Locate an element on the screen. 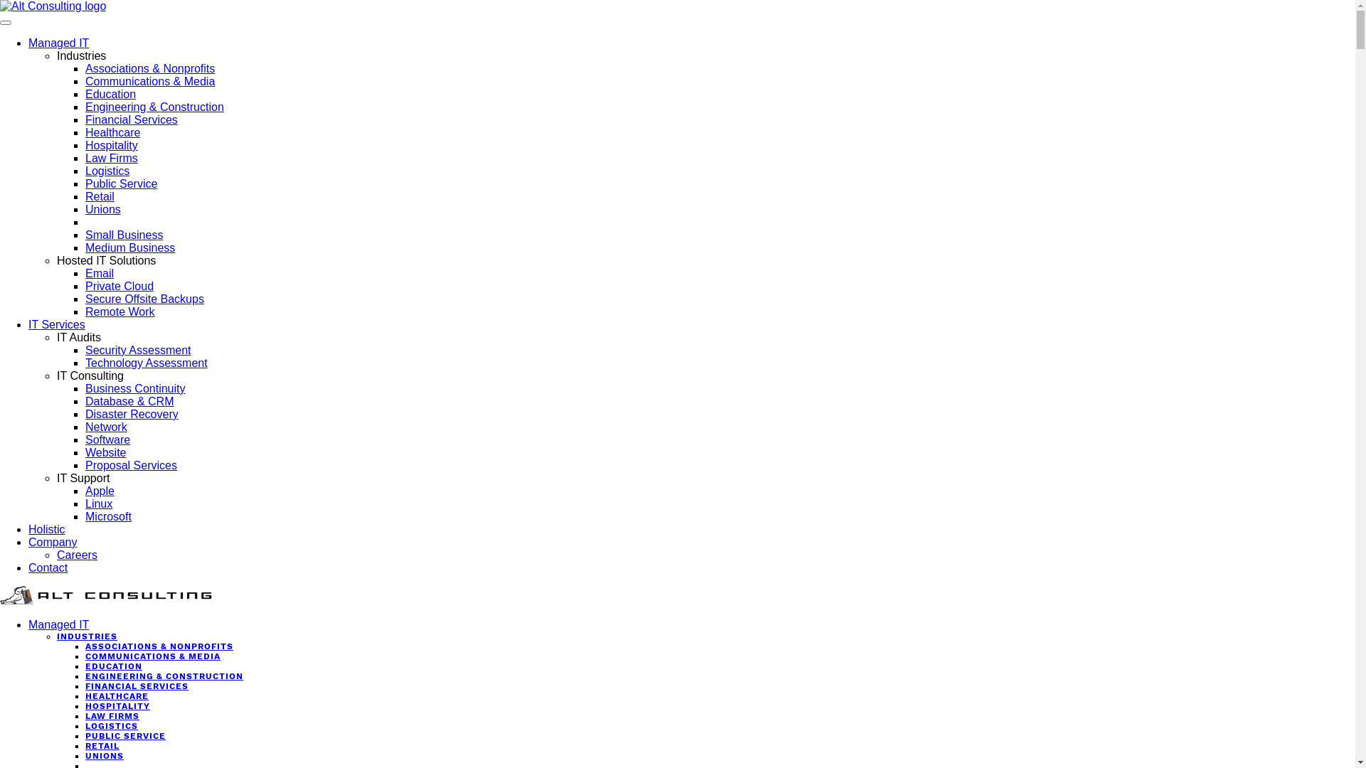 The image size is (1366, 768). 'Database & CRM' is located at coordinates (129, 401).